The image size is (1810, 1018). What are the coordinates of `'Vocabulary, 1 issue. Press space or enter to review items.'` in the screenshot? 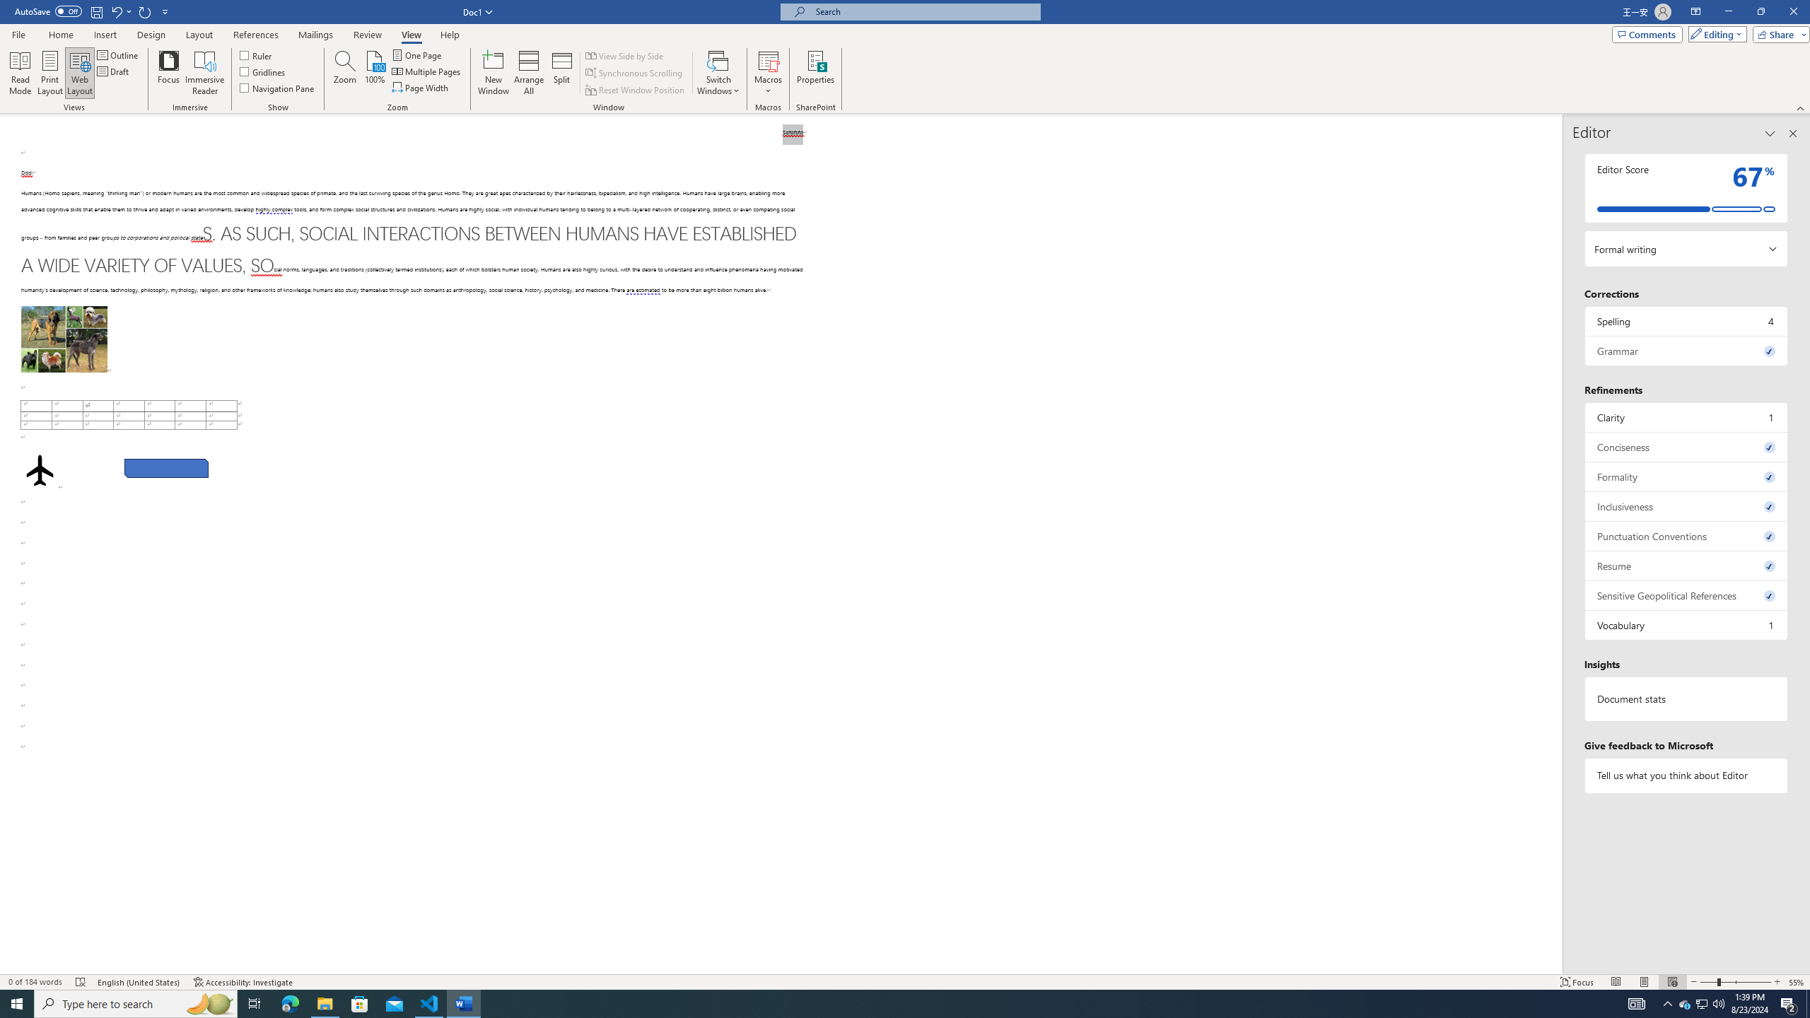 It's located at (1686, 625).